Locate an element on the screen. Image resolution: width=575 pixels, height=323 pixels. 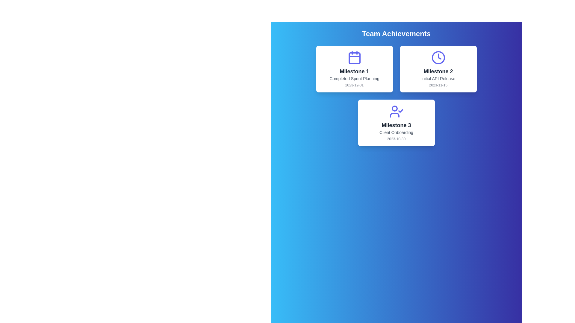
the details of the first milestone card, which includes its name, description, and date, located at the top-left corner of the grid layout is located at coordinates (354, 69).